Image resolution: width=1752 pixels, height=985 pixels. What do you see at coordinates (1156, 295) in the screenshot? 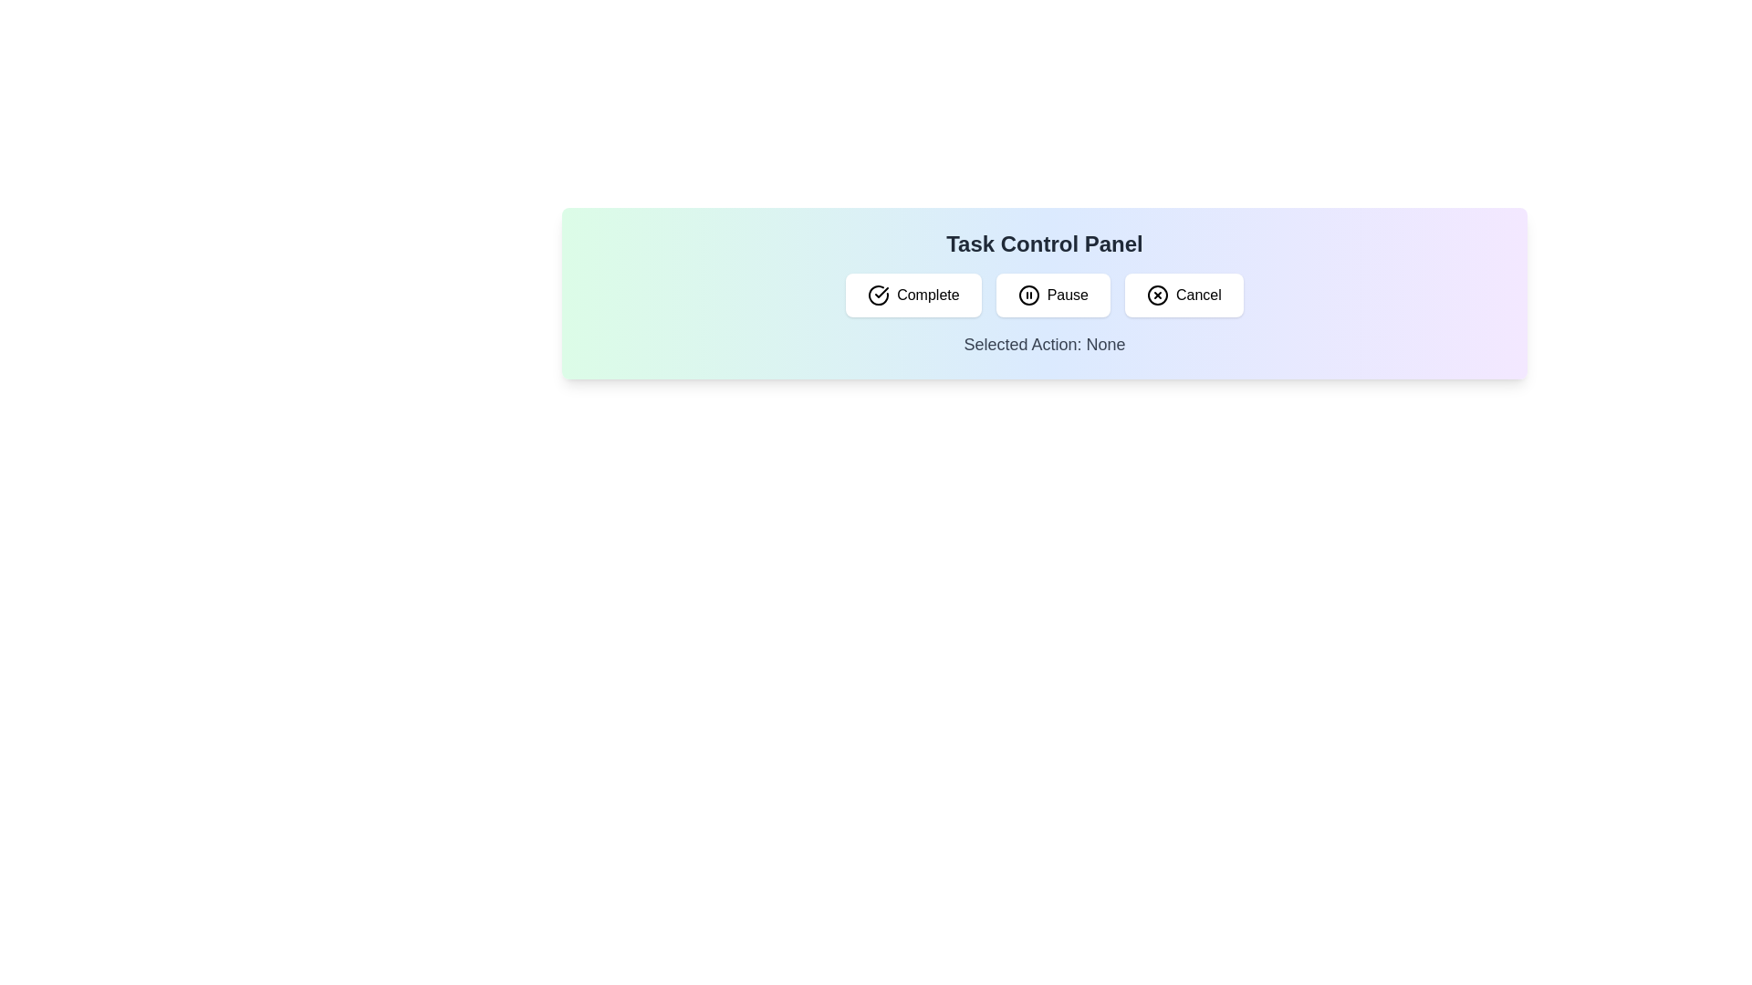
I see `the 'Cancel' button which contains a circular icon with a cross inside, located at the rightmost position in the Task Control Panel` at bounding box center [1156, 295].